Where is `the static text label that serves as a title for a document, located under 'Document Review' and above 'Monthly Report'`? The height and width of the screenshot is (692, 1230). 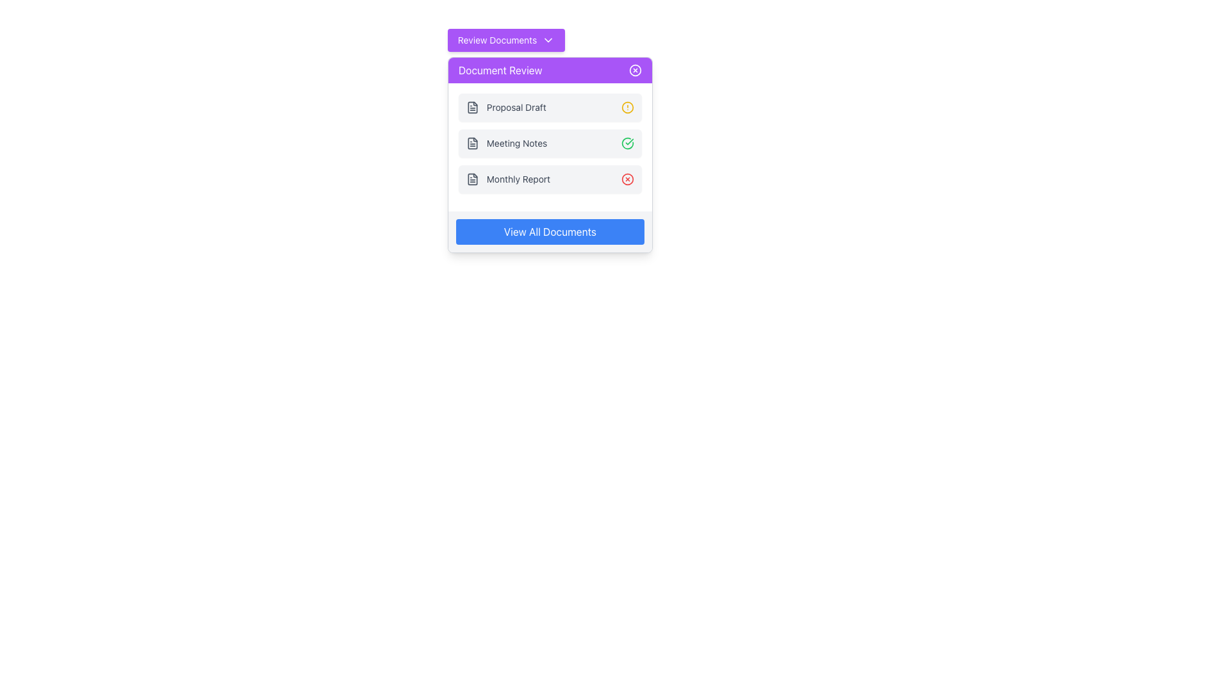
the static text label that serves as a title for a document, located under 'Document Review' and above 'Monthly Report' is located at coordinates (516, 143).